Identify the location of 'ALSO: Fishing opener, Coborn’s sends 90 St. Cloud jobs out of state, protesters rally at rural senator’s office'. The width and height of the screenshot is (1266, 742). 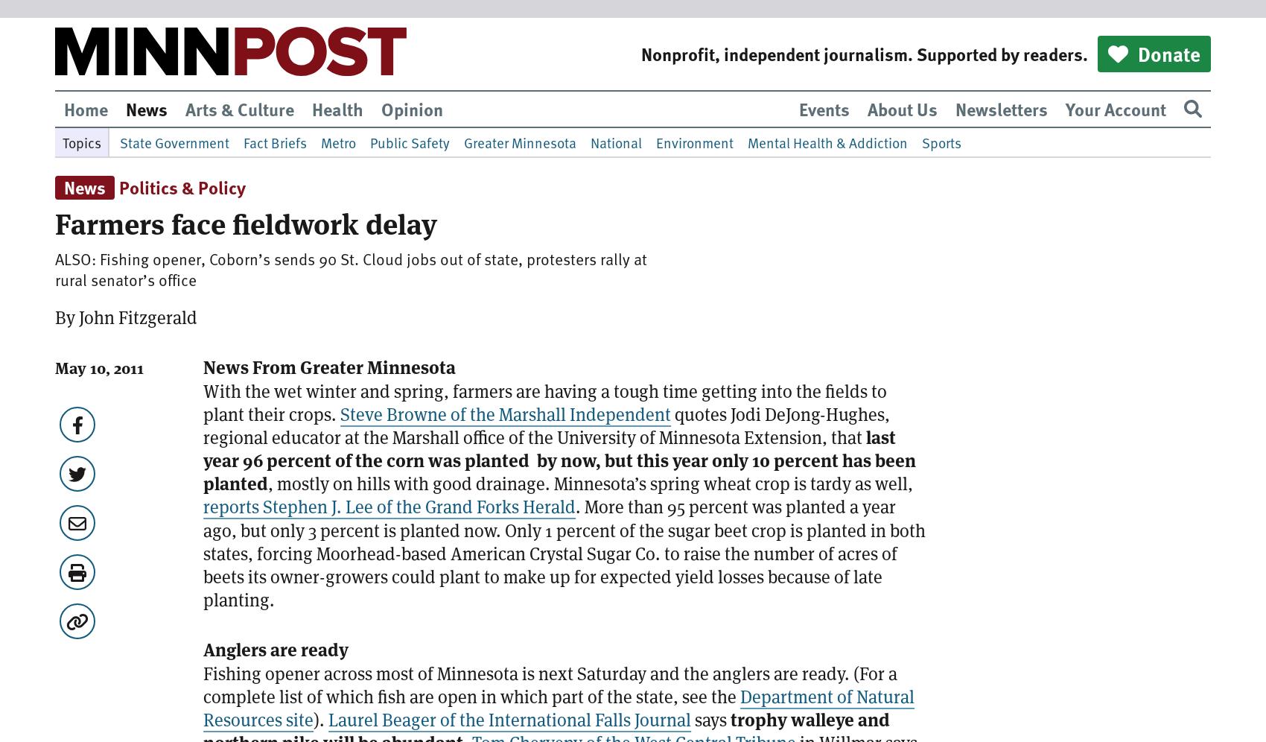
(351, 269).